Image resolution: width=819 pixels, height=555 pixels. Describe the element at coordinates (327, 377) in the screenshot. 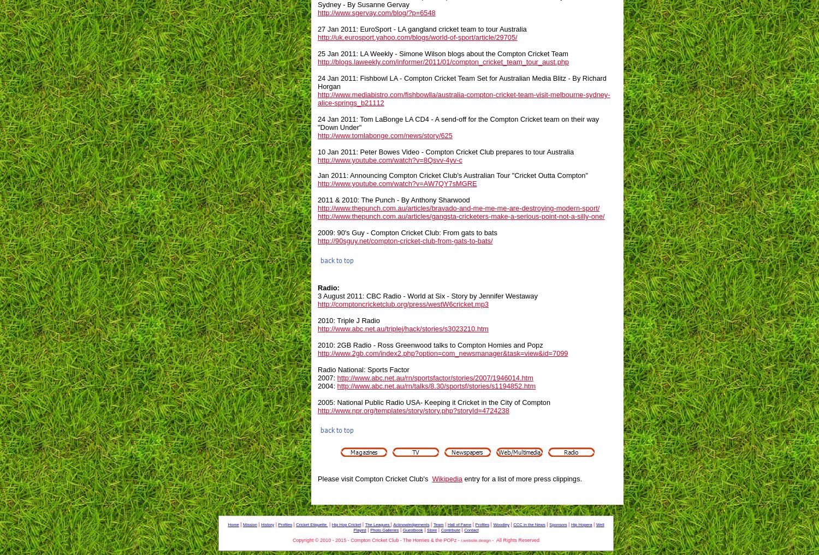

I see `'2007:'` at that location.